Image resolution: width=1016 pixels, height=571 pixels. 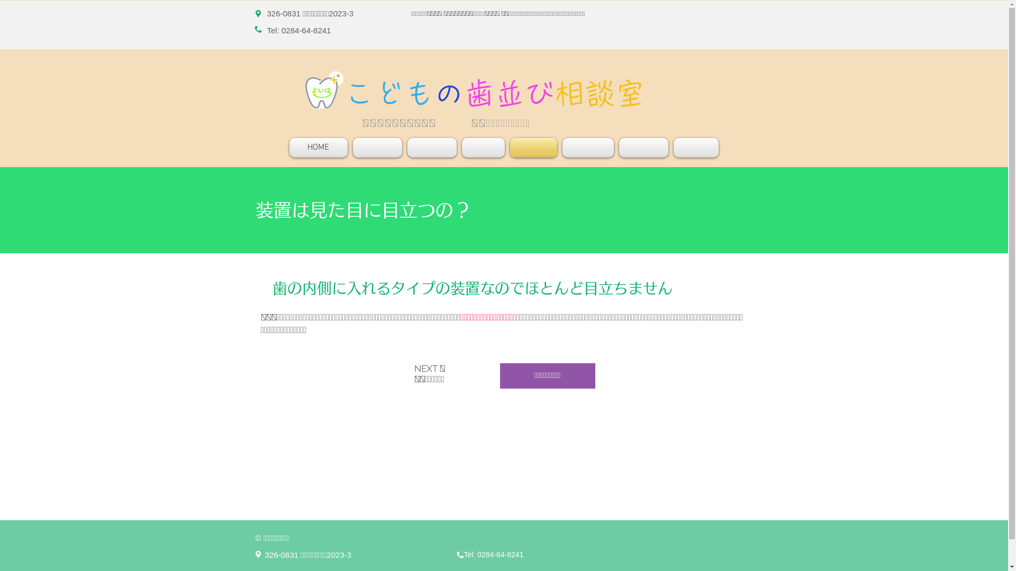 What do you see at coordinates (319, 148) in the screenshot?
I see `'HOME'` at bounding box center [319, 148].